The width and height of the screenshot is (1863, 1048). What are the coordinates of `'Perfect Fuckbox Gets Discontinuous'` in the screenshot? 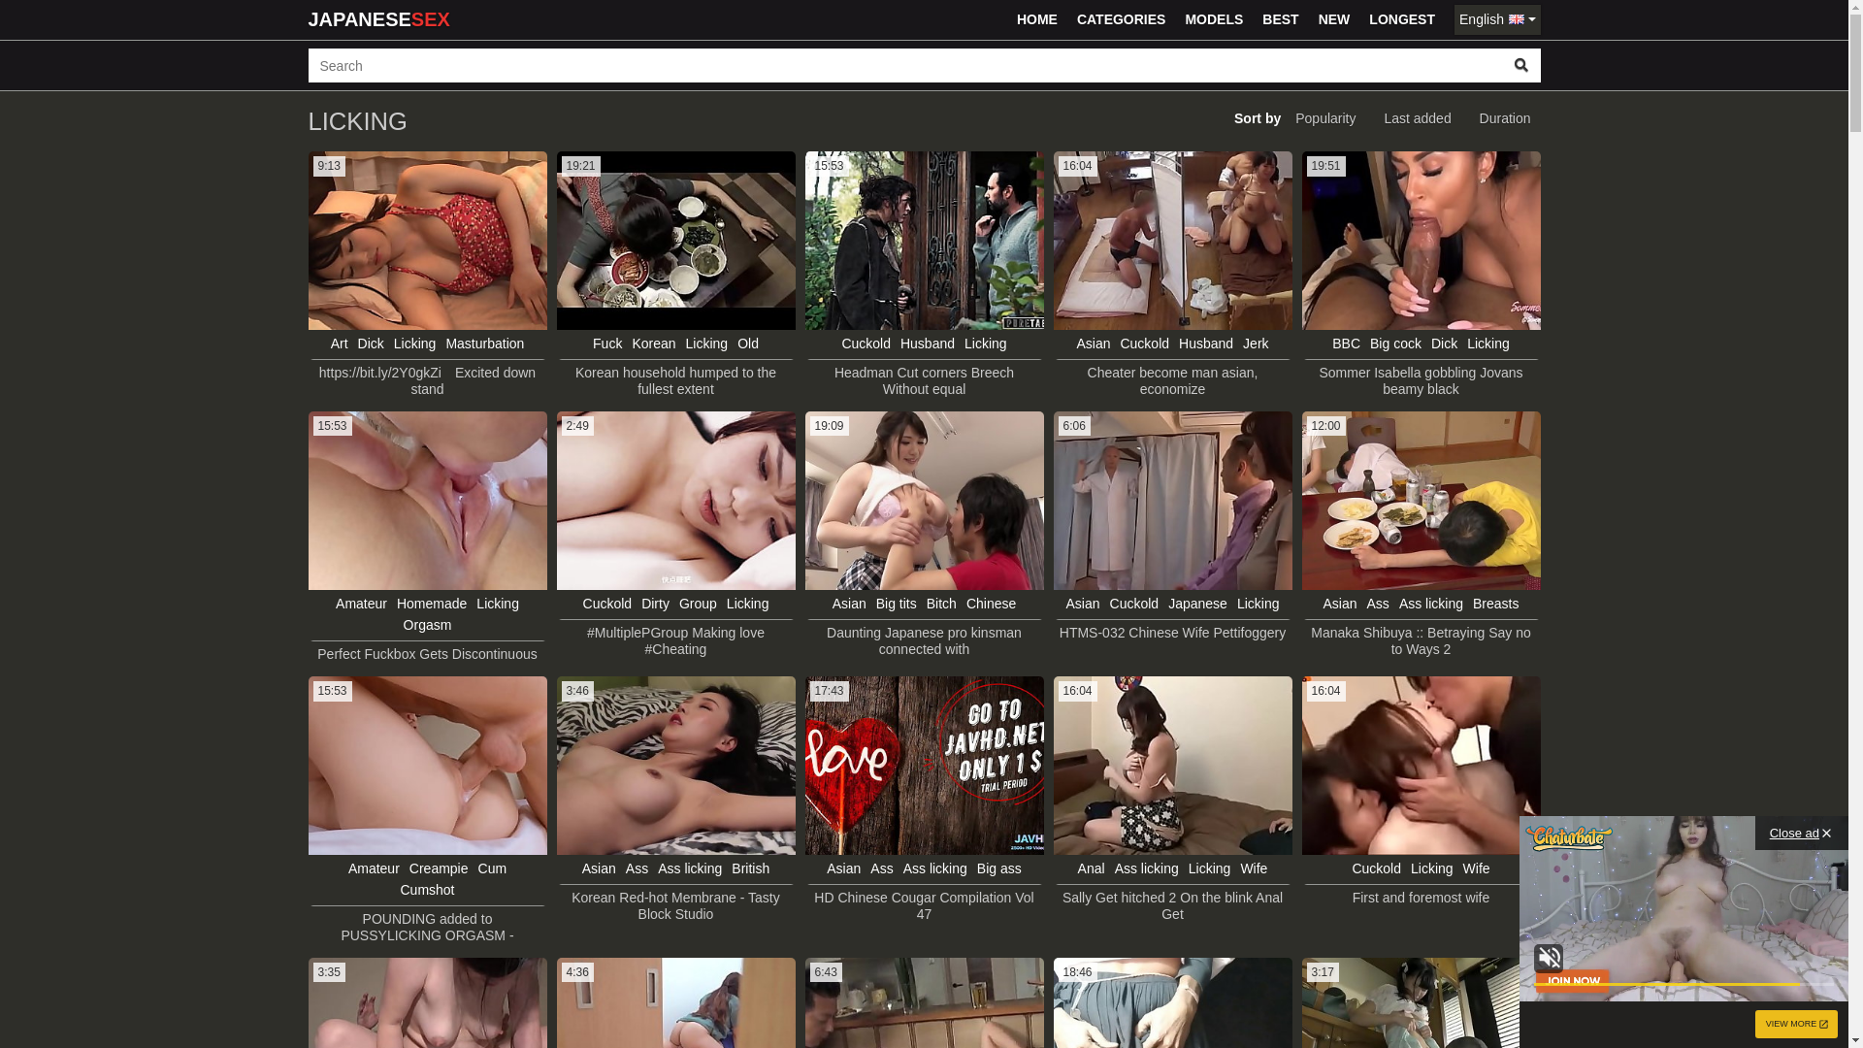 It's located at (426, 654).